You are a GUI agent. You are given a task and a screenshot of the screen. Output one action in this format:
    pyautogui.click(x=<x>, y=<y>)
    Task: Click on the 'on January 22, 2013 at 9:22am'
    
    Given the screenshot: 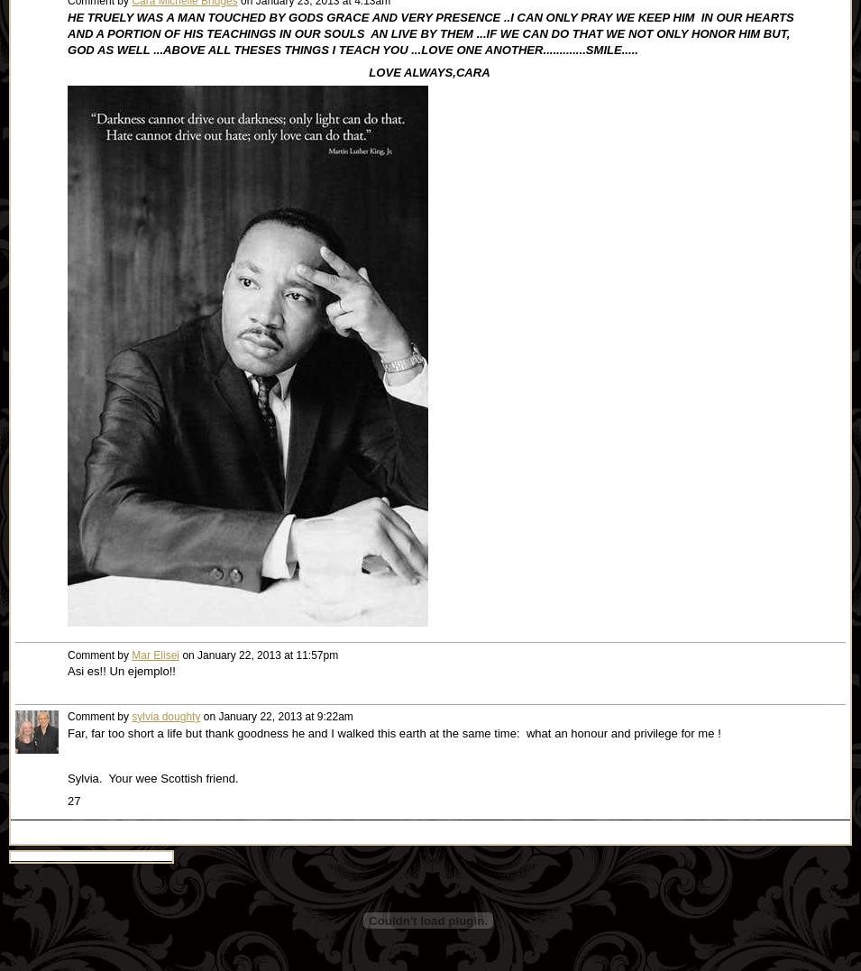 What is the action you would take?
    pyautogui.click(x=276, y=717)
    